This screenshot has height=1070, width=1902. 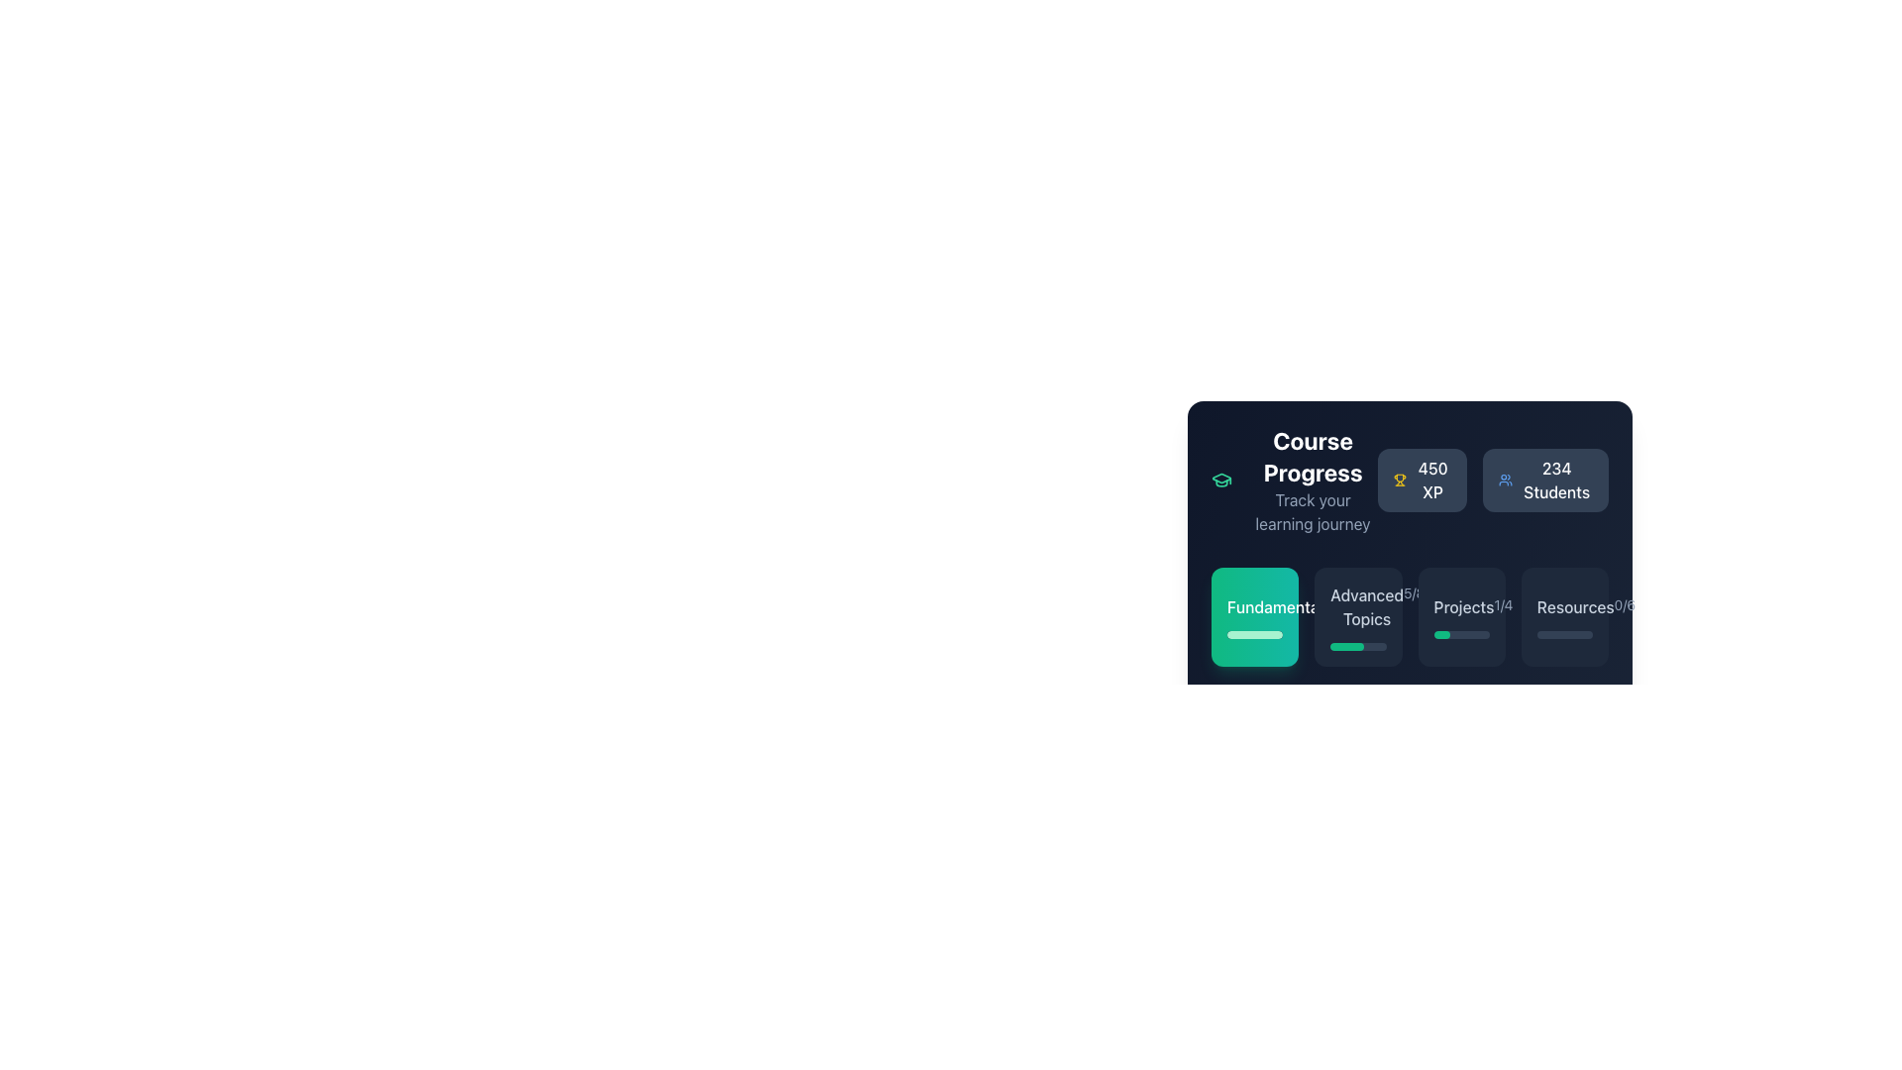 What do you see at coordinates (1220, 481) in the screenshot?
I see `the emerald green graduation cap icon, which has a minimalist design and is located to the left of the 'Course Progress' text` at bounding box center [1220, 481].